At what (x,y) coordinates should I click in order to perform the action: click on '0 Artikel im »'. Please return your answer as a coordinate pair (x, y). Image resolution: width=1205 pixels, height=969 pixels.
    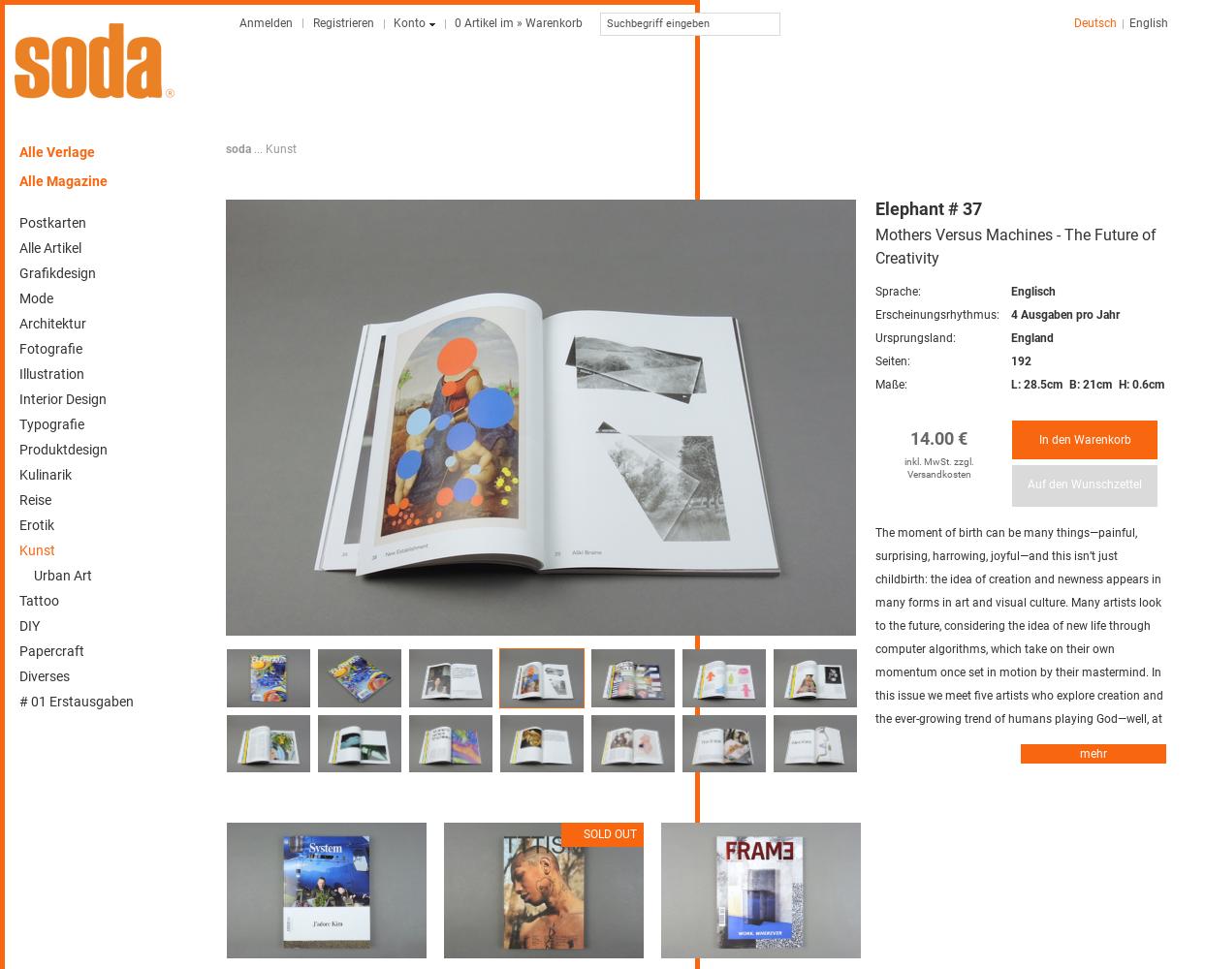
    Looking at the image, I should click on (489, 23).